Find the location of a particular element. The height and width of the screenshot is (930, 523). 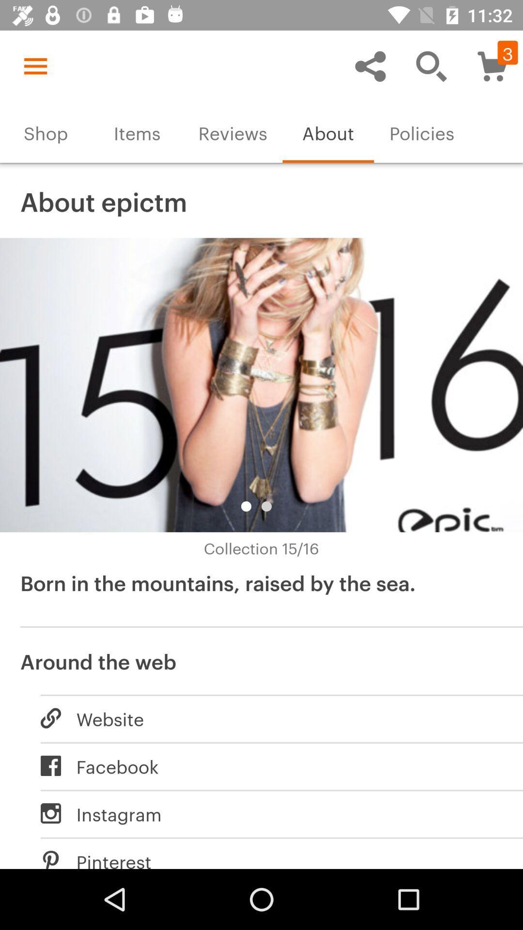

the icon above around the web icon is located at coordinates (261, 594).